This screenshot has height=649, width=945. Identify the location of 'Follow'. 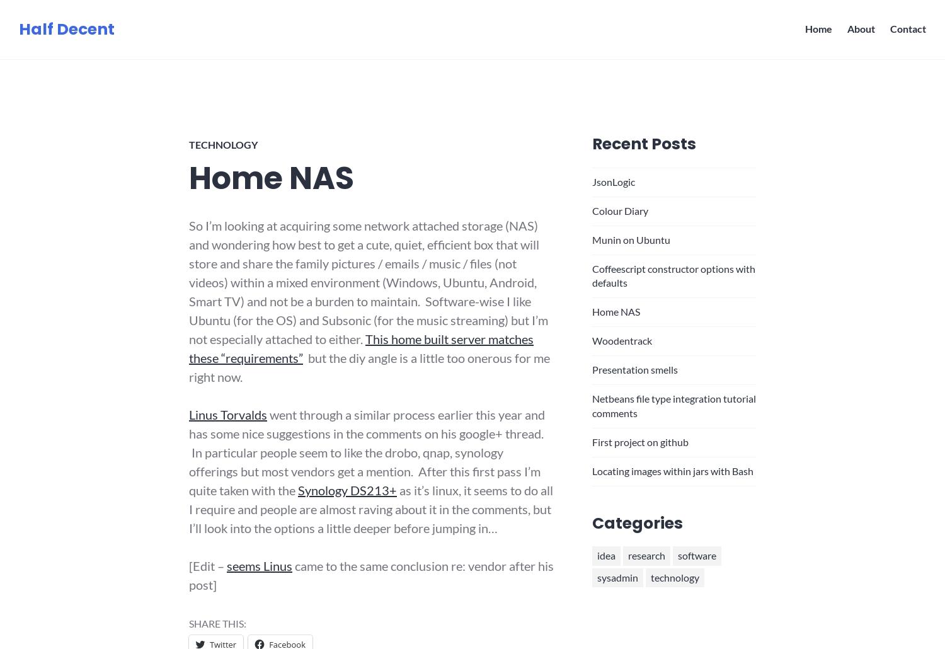
(893, 612).